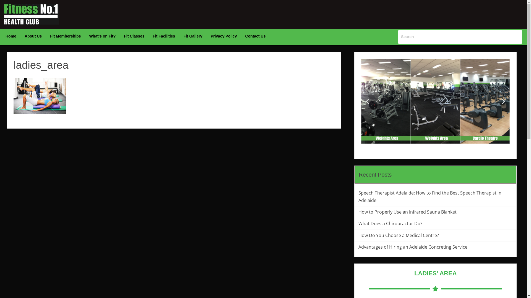  What do you see at coordinates (11, 36) in the screenshot?
I see `'Home'` at bounding box center [11, 36].